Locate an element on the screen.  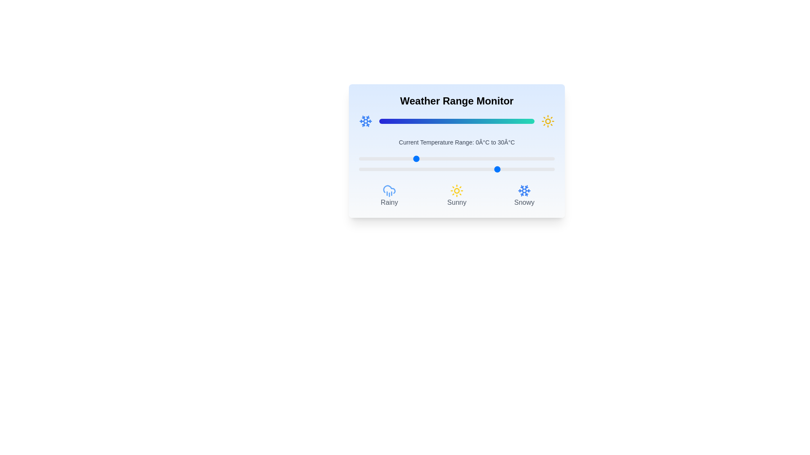
temperature is located at coordinates (546, 169).